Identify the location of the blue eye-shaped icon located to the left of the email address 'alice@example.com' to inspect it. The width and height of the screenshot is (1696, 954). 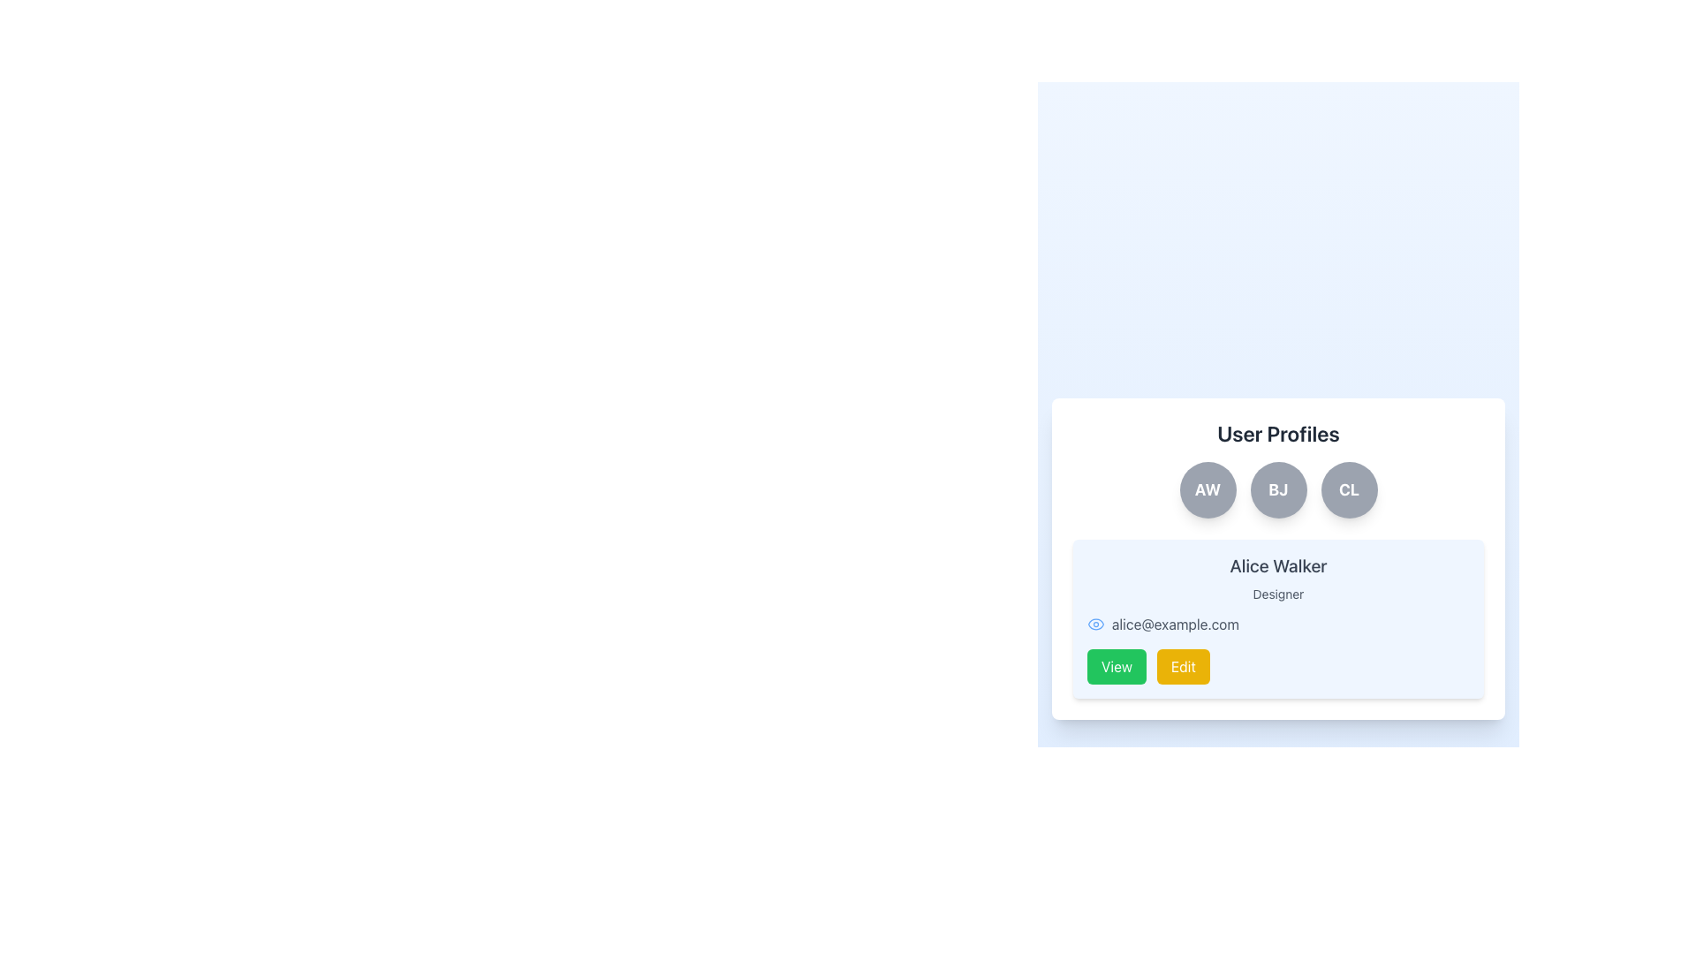
(1095, 623).